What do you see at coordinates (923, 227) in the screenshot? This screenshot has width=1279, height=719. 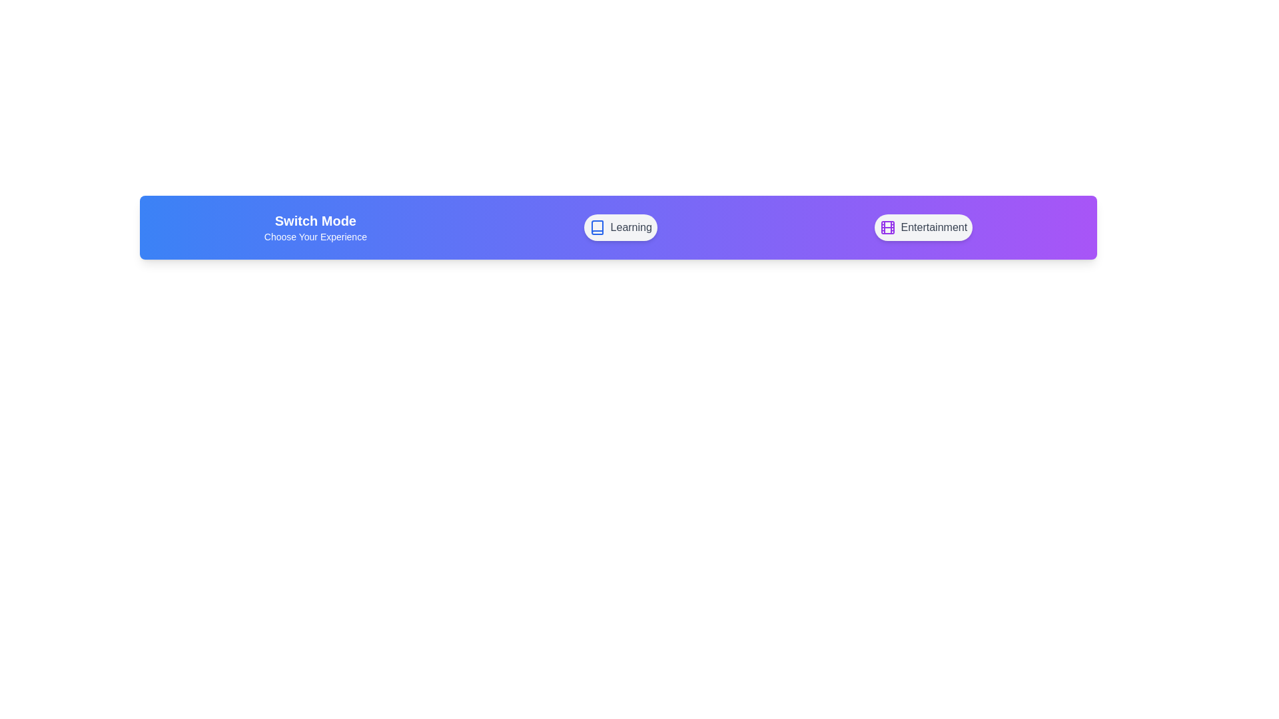 I see `the button labeled 'Entertainment' located to the right of the 'Learning' button` at bounding box center [923, 227].